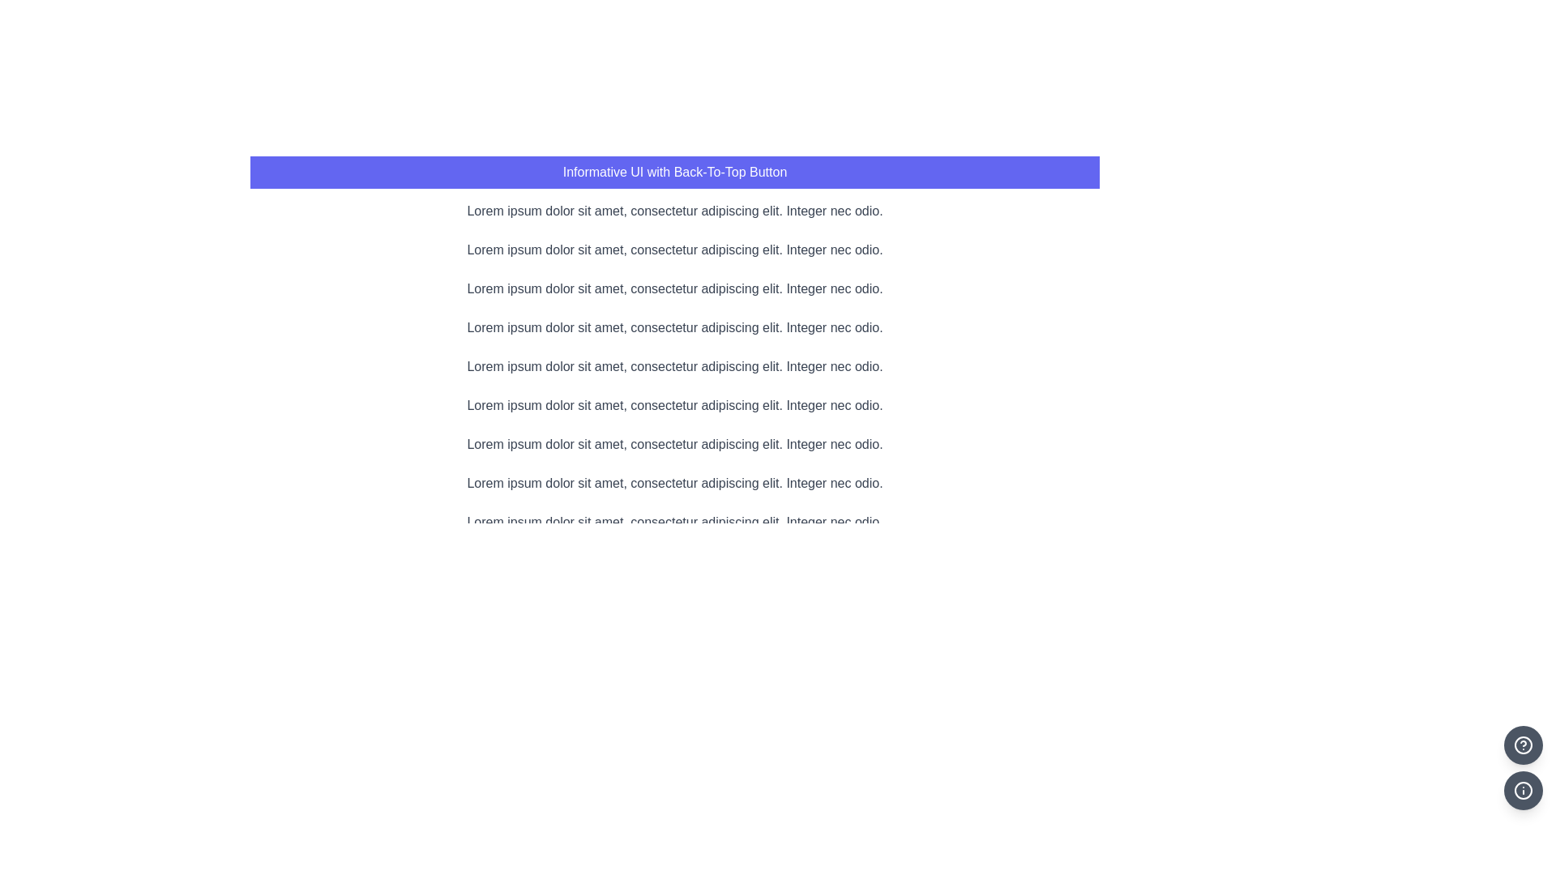 This screenshot has width=1556, height=875. Describe the element at coordinates (675, 288) in the screenshot. I see `third line of text reading 'Lorem ipsum dolor sit amet, consectetur adipiscing elit. Integer nec odio.' styled in gray font on a white background` at that location.